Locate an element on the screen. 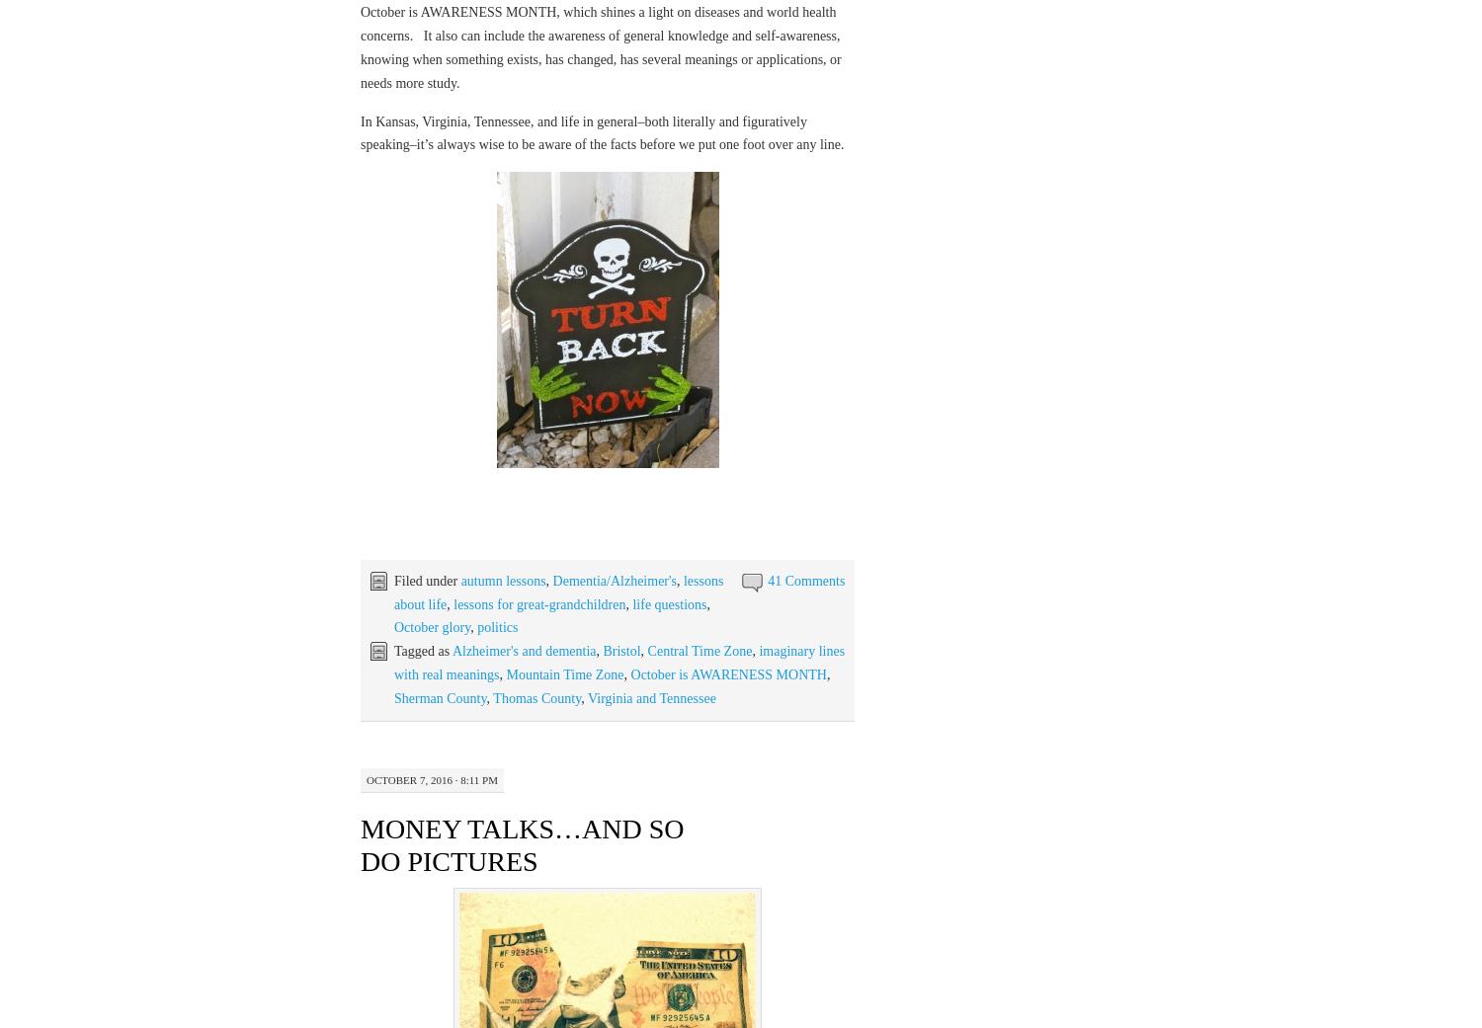 The width and height of the screenshot is (1482, 1028). 'lessons about life' is located at coordinates (557, 592).